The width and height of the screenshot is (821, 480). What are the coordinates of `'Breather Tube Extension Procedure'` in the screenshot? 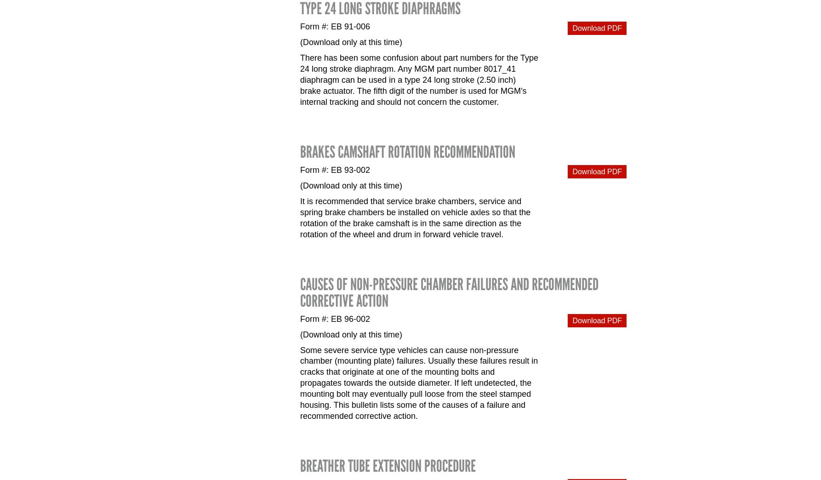 It's located at (388, 466).